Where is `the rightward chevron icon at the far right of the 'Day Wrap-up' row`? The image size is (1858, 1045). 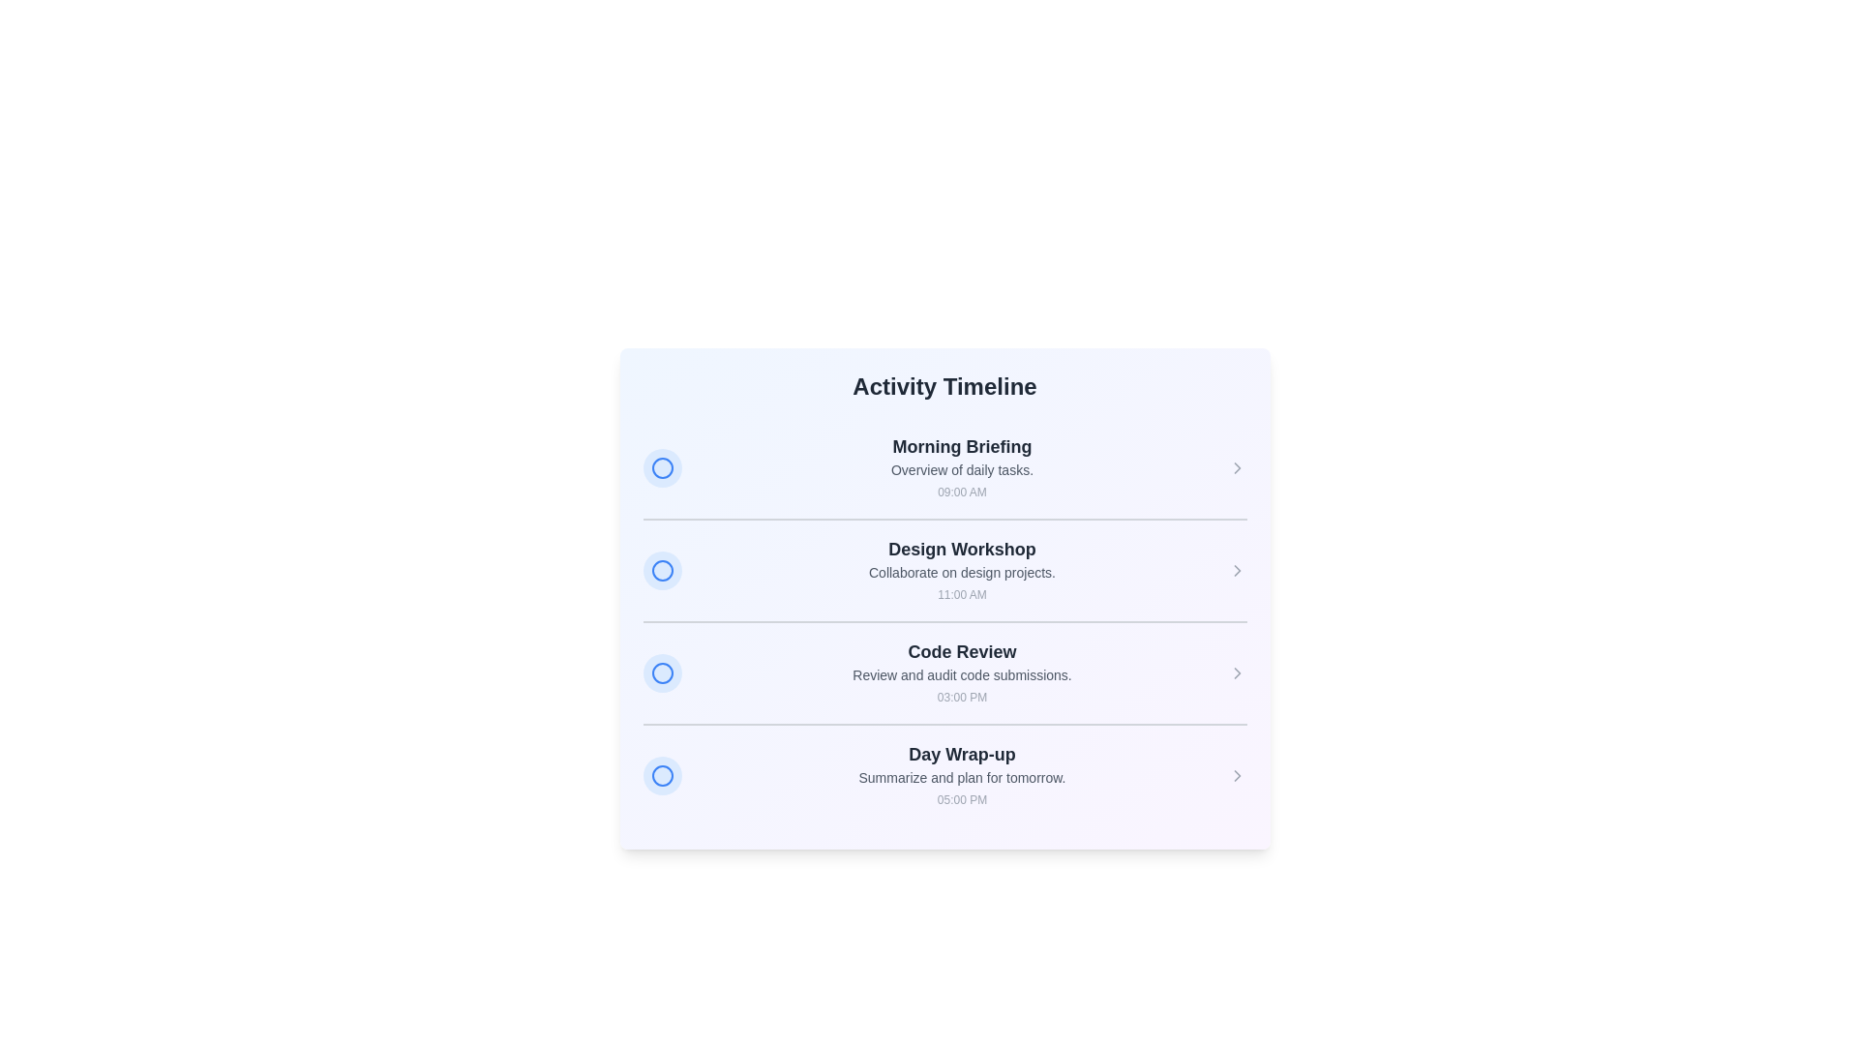
the rightward chevron icon at the far right of the 'Day Wrap-up' row is located at coordinates (1236, 775).